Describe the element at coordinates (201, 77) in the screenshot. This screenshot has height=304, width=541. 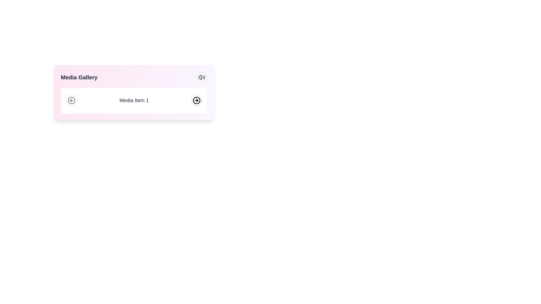
I see `the audio control button located in the upper-right corner of the 'Media Gallery' section, adjacent to the 'Media Gallery' text label` at that location.